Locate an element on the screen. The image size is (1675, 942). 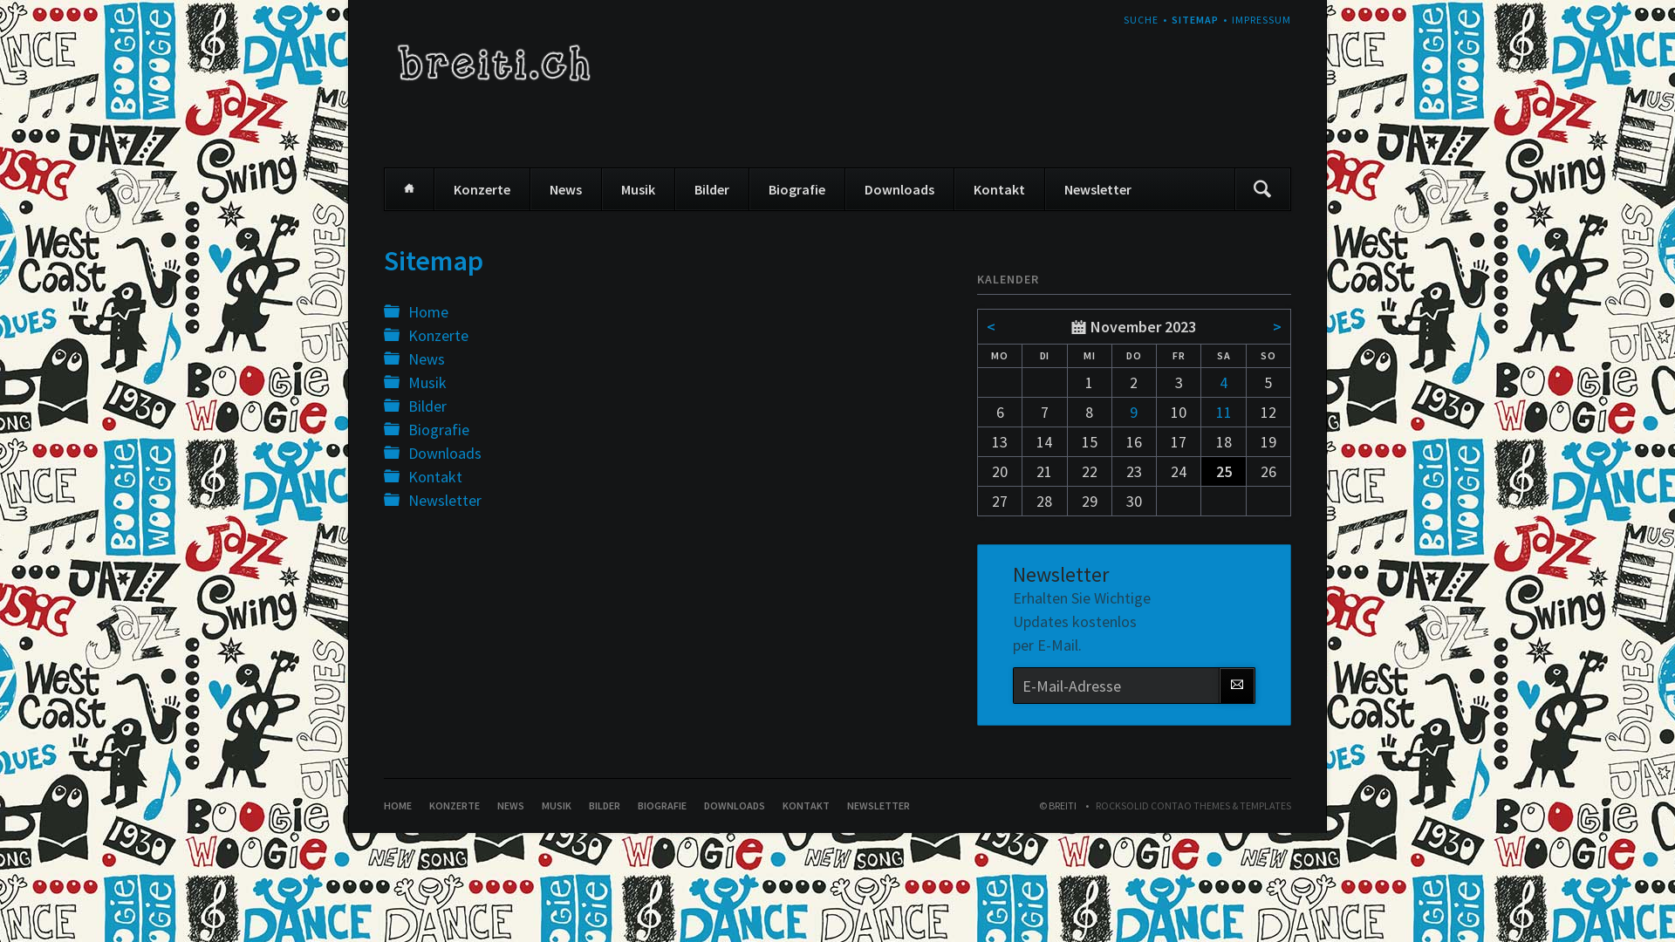
'NEWS' is located at coordinates (509, 805).